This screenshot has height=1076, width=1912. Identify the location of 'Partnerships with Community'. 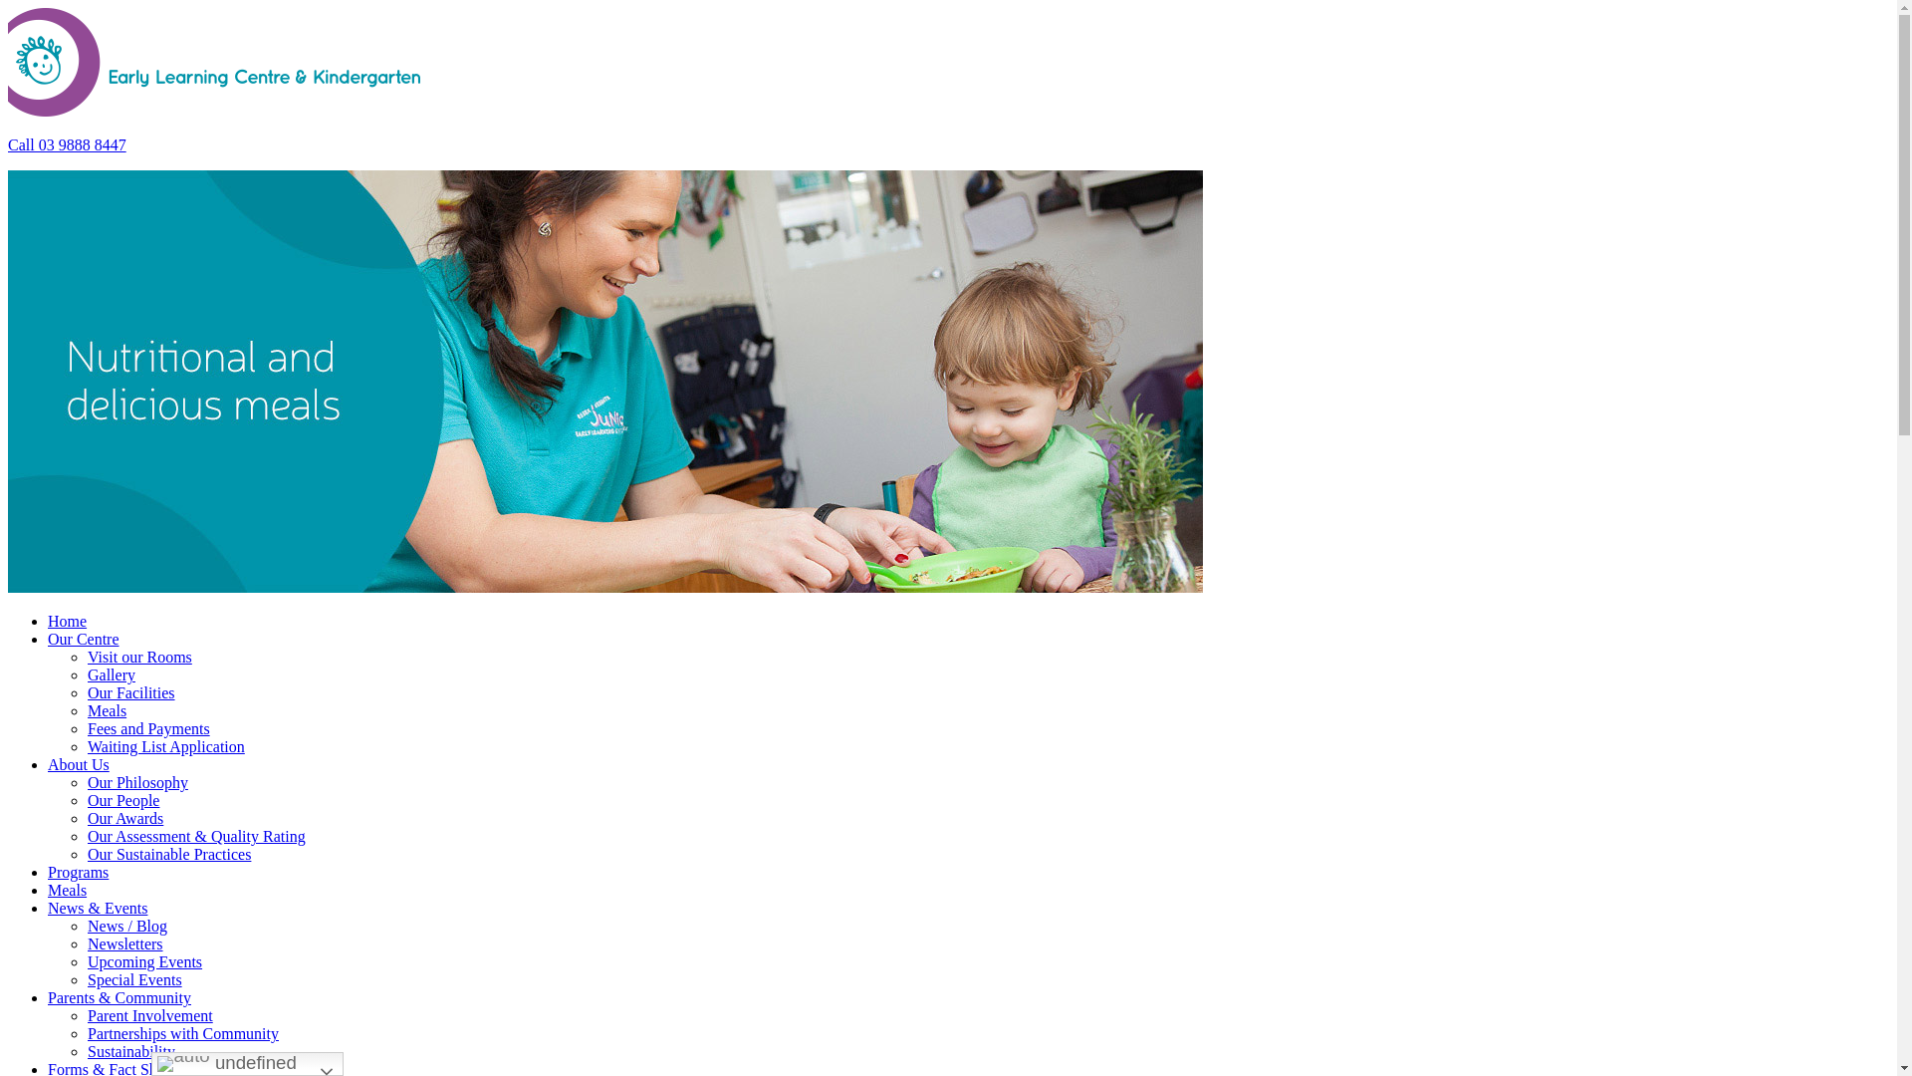
(86, 1032).